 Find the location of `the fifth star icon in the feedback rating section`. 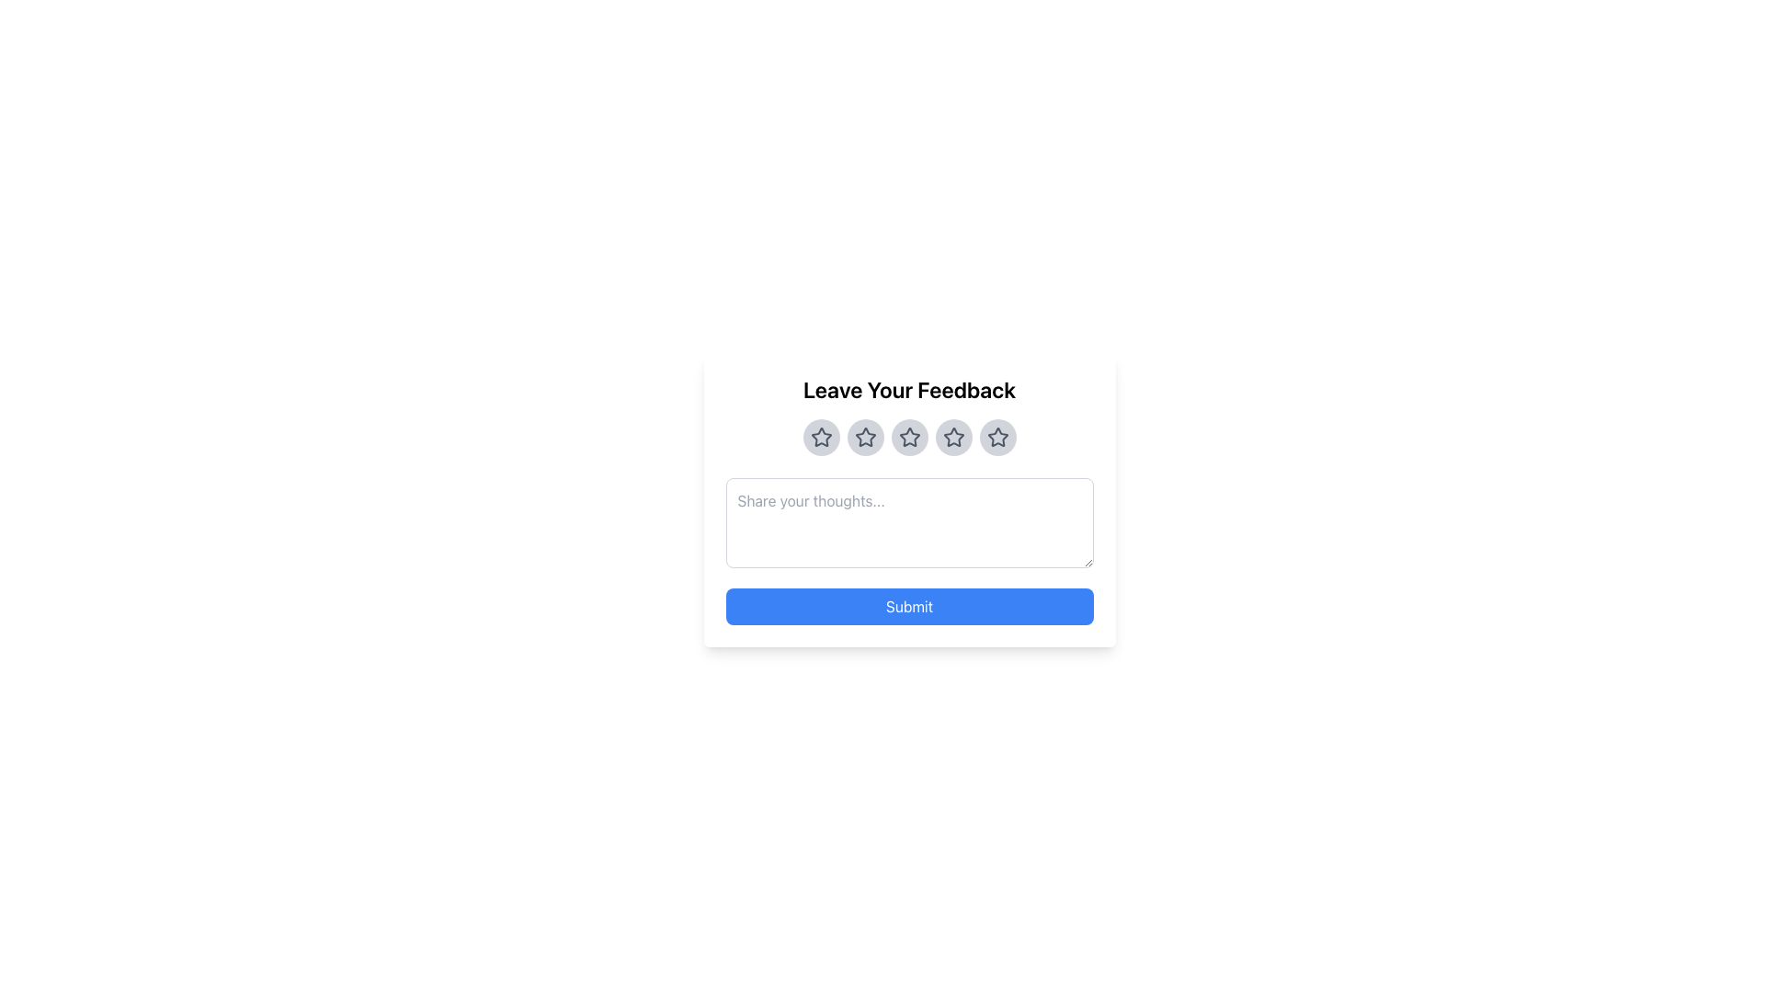

the fifth star icon in the feedback rating section is located at coordinates (996, 437).